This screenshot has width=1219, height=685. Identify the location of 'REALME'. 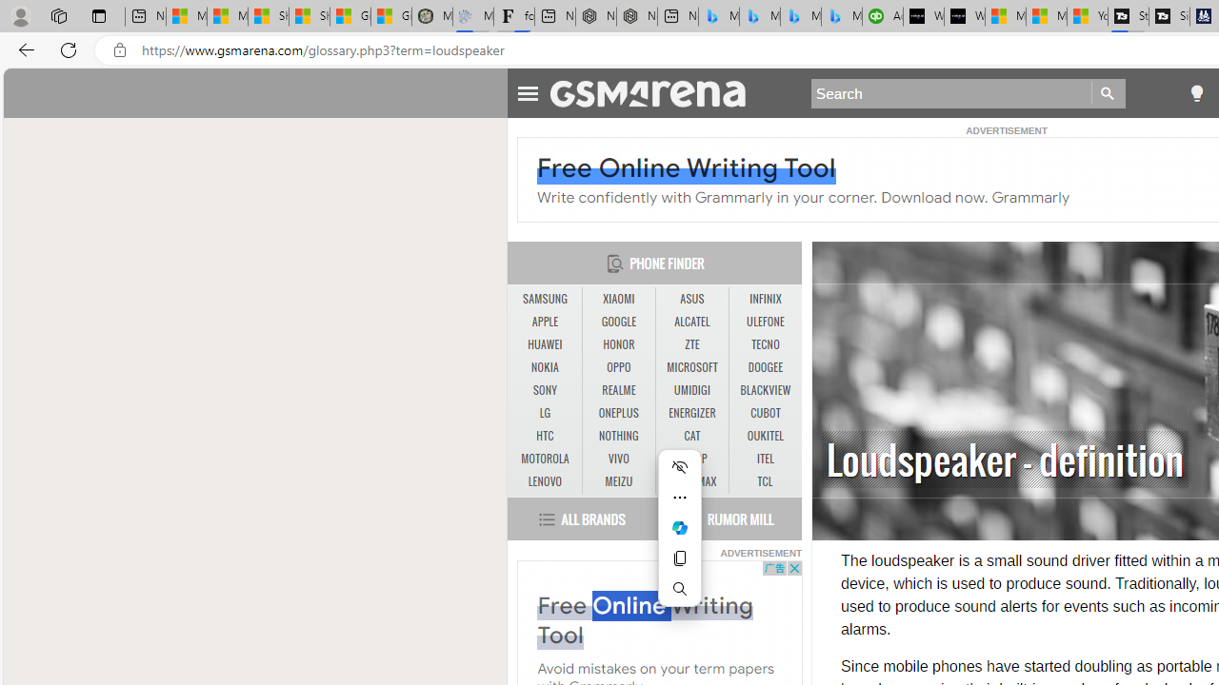
(619, 390).